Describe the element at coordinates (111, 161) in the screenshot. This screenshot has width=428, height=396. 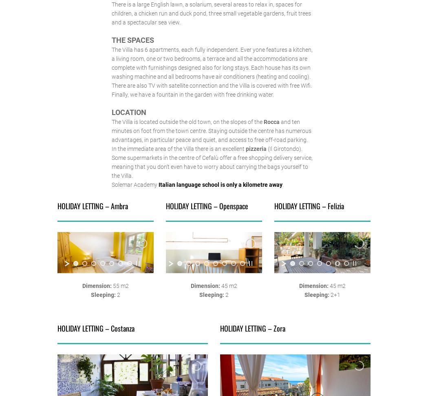
I see `'(Il Girotondo). Some supermarkets in the centre of Cefalù offer a free shopping delivery service, meaning that you don’t even have to worry about carrying the bags yourself to the Villa.'` at that location.